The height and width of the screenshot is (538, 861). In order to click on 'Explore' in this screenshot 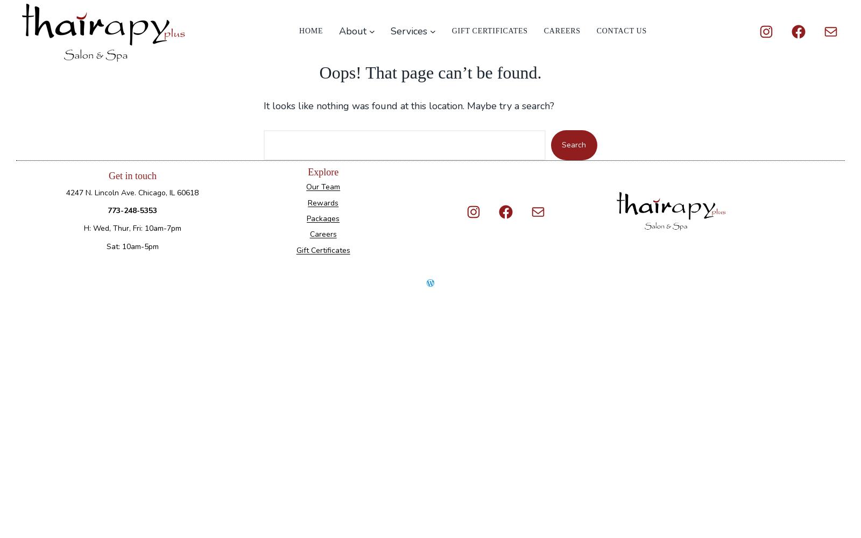, I will do `click(322, 171)`.